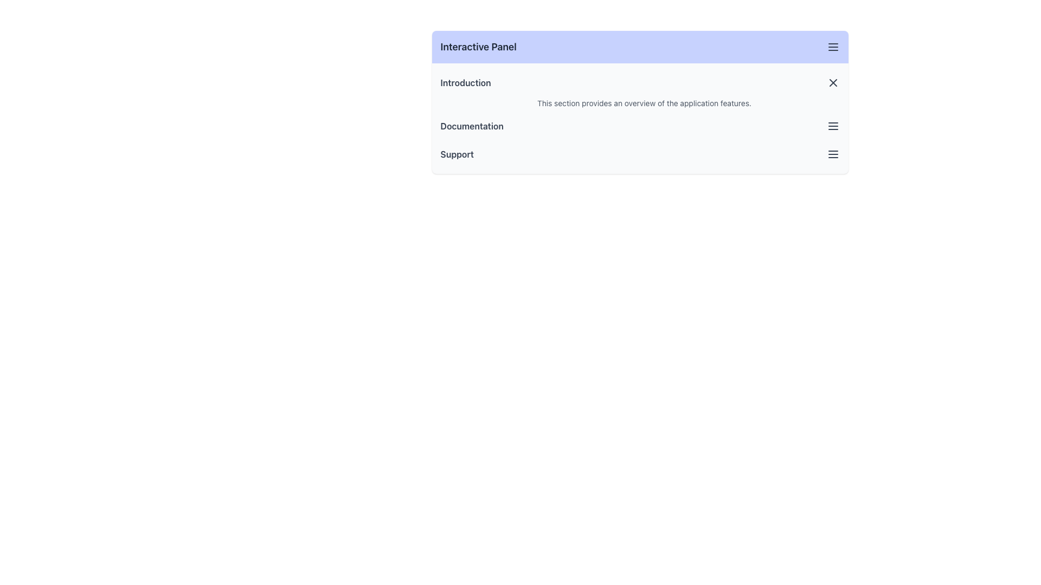 The image size is (1041, 585). What do you see at coordinates (478, 47) in the screenshot?
I see `text from the 'Interactive Panel' label, which is styled in bold and dark gray color, located at the top of the panel interface within a light indigo header` at bounding box center [478, 47].